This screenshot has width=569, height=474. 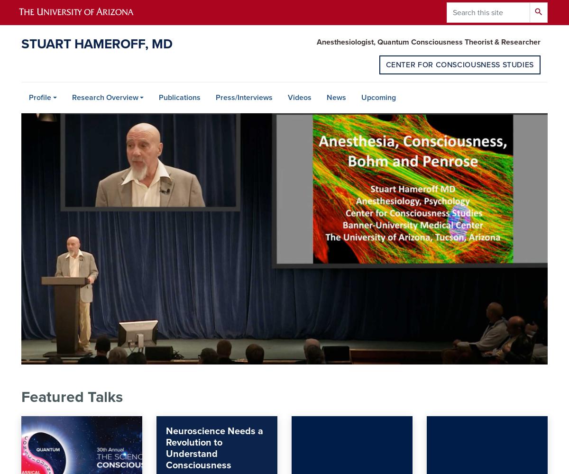 I want to click on 'search', so click(x=538, y=11).